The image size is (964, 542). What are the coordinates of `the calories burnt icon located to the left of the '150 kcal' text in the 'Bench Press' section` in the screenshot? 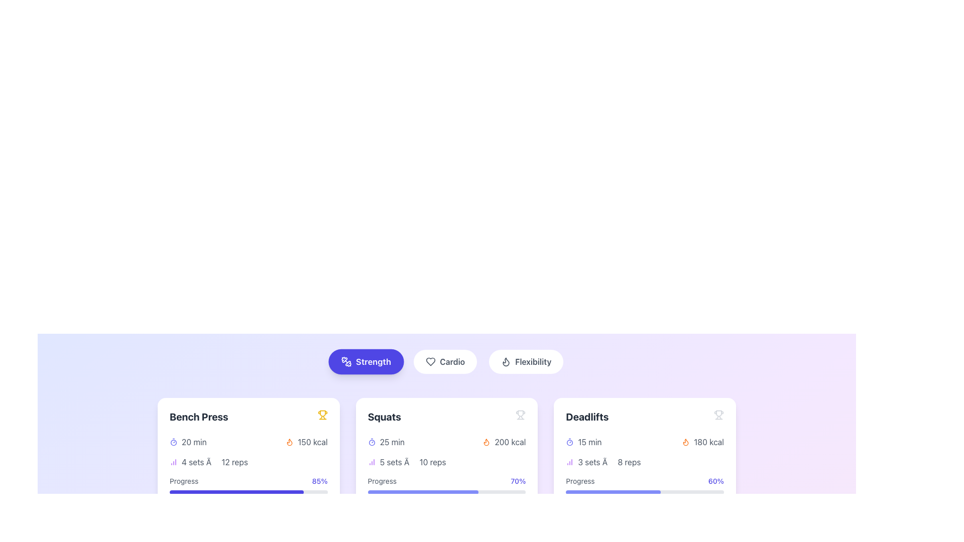 It's located at (289, 441).